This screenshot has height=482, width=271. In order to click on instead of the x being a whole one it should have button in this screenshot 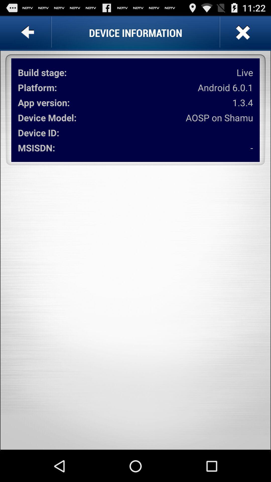, I will do `click(242, 32)`.